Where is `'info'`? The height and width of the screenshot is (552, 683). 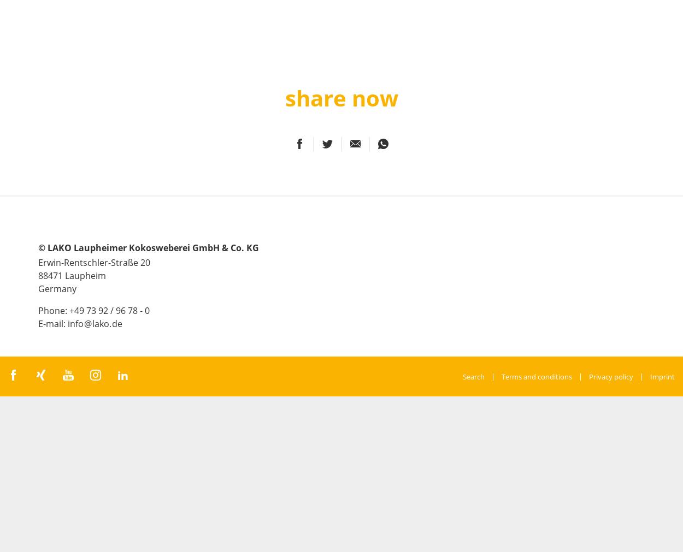 'info' is located at coordinates (67, 323).